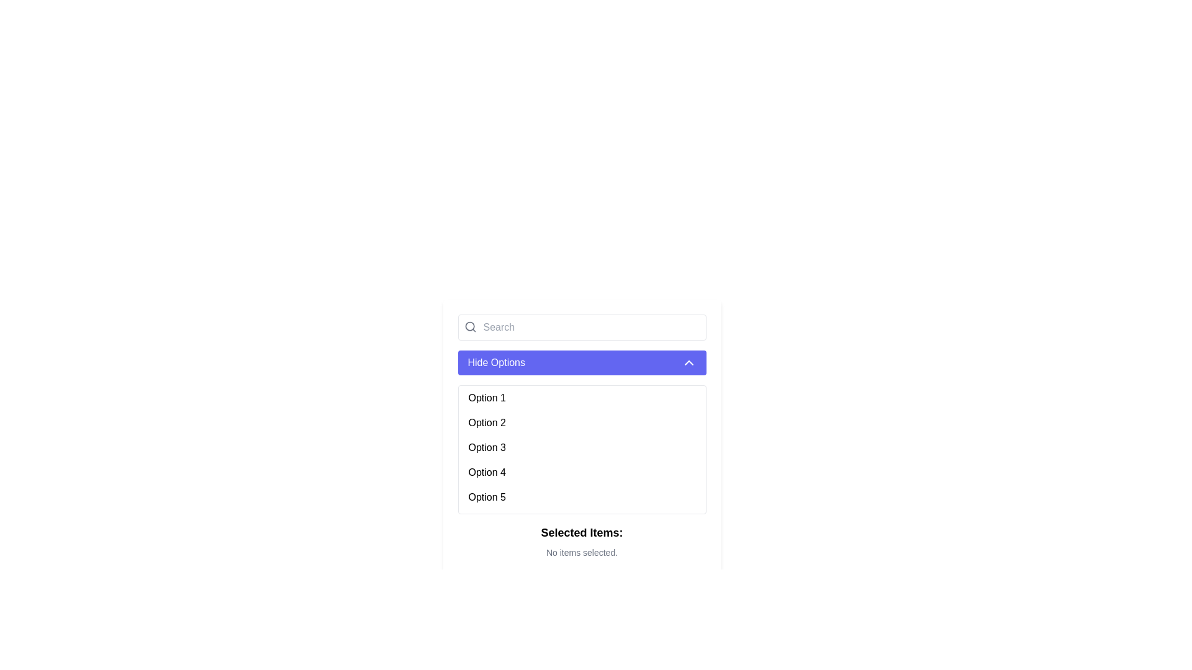  I want to click on the first item in the dropdown menu list located below the 'Hide Options' toggle, so click(581, 398).